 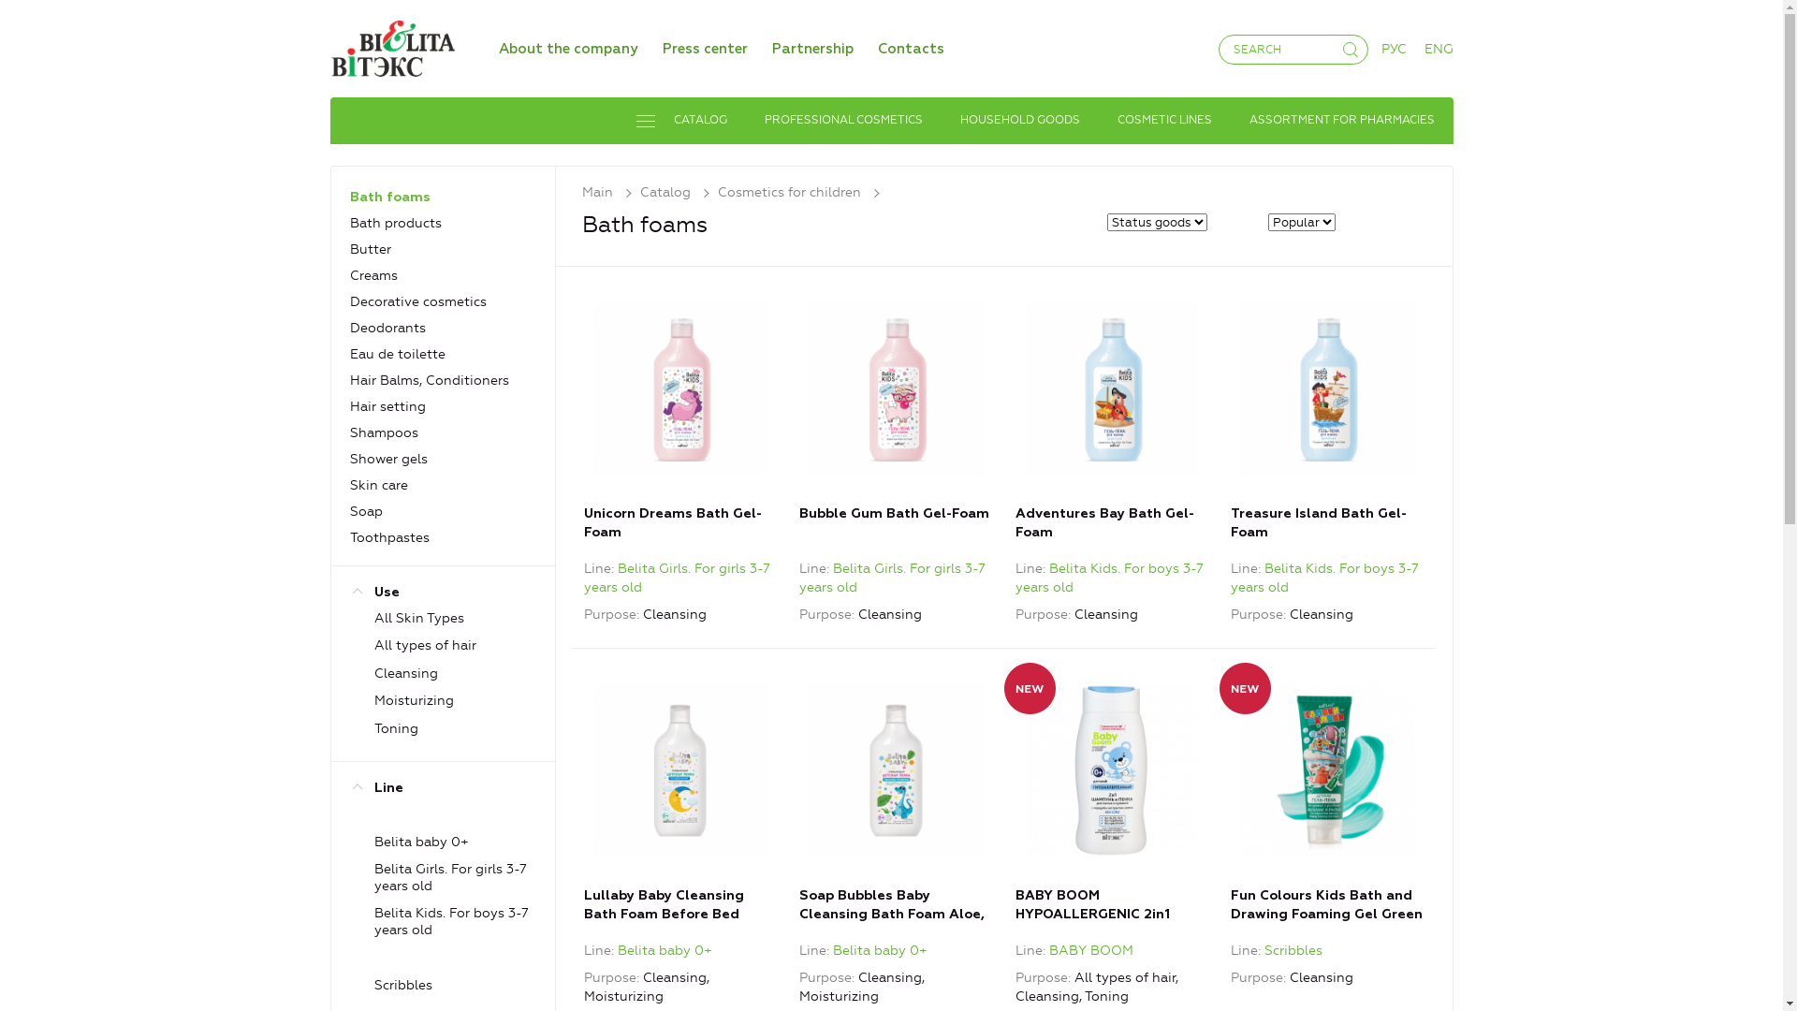 I want to click on 'CATALOG', so click(x=680, y=120).